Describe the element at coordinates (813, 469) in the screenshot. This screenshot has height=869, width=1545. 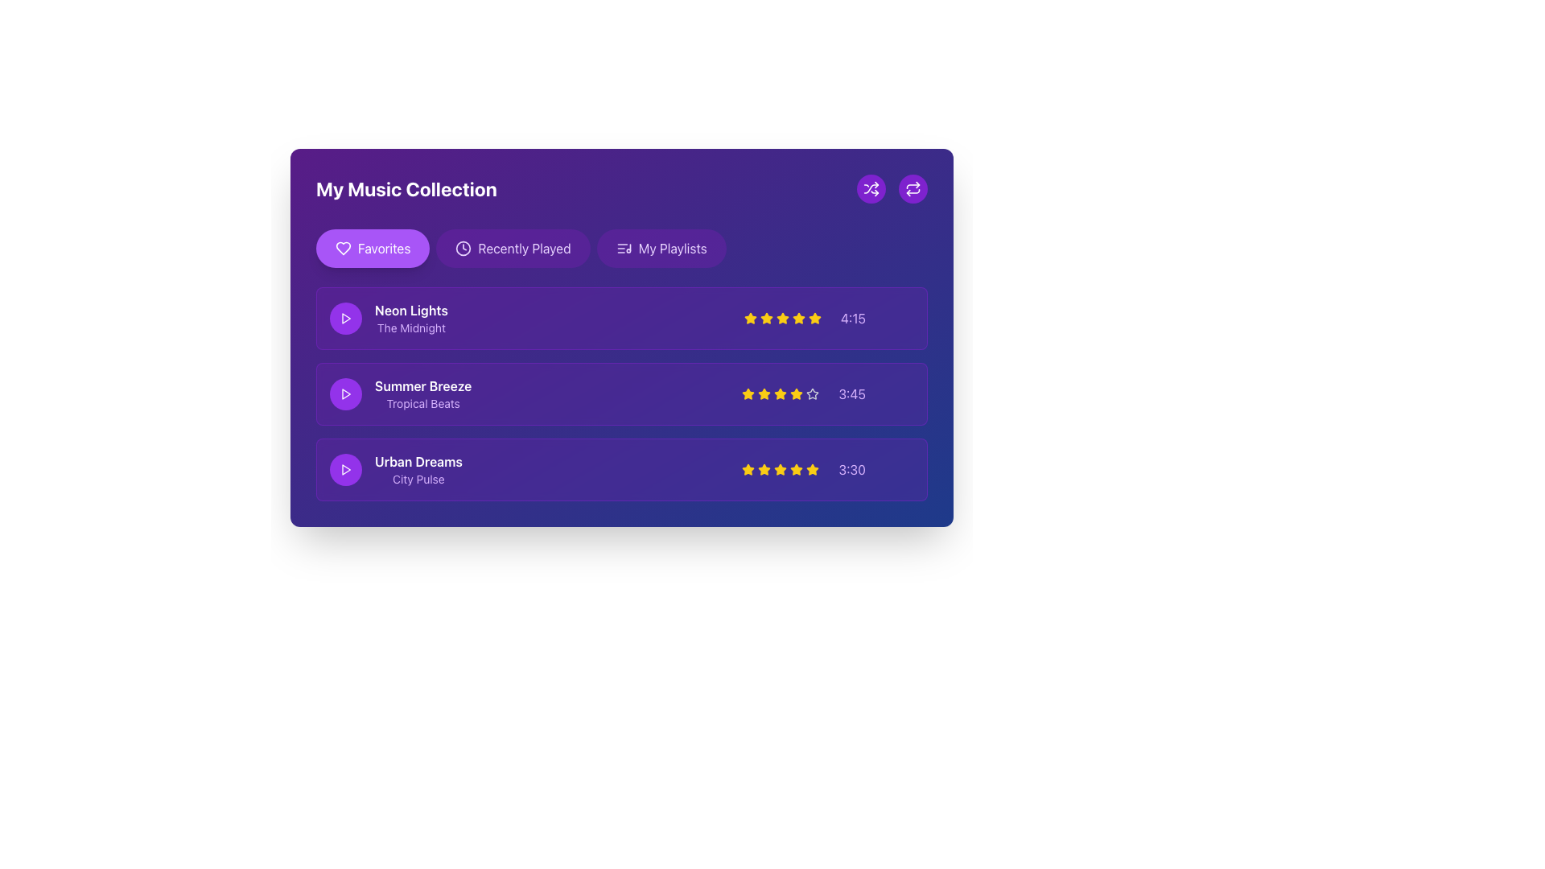
I see `the fifth yellow star icon for rating in the third song entry titled 'Urban Dreams' to rate it` at that location.